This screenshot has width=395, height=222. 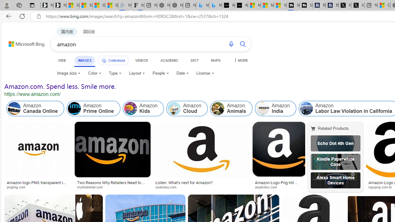 What do you see at coordinates (69, 73) in the screenshot?
I see `'Image size'` at bounding box center [69, 73].